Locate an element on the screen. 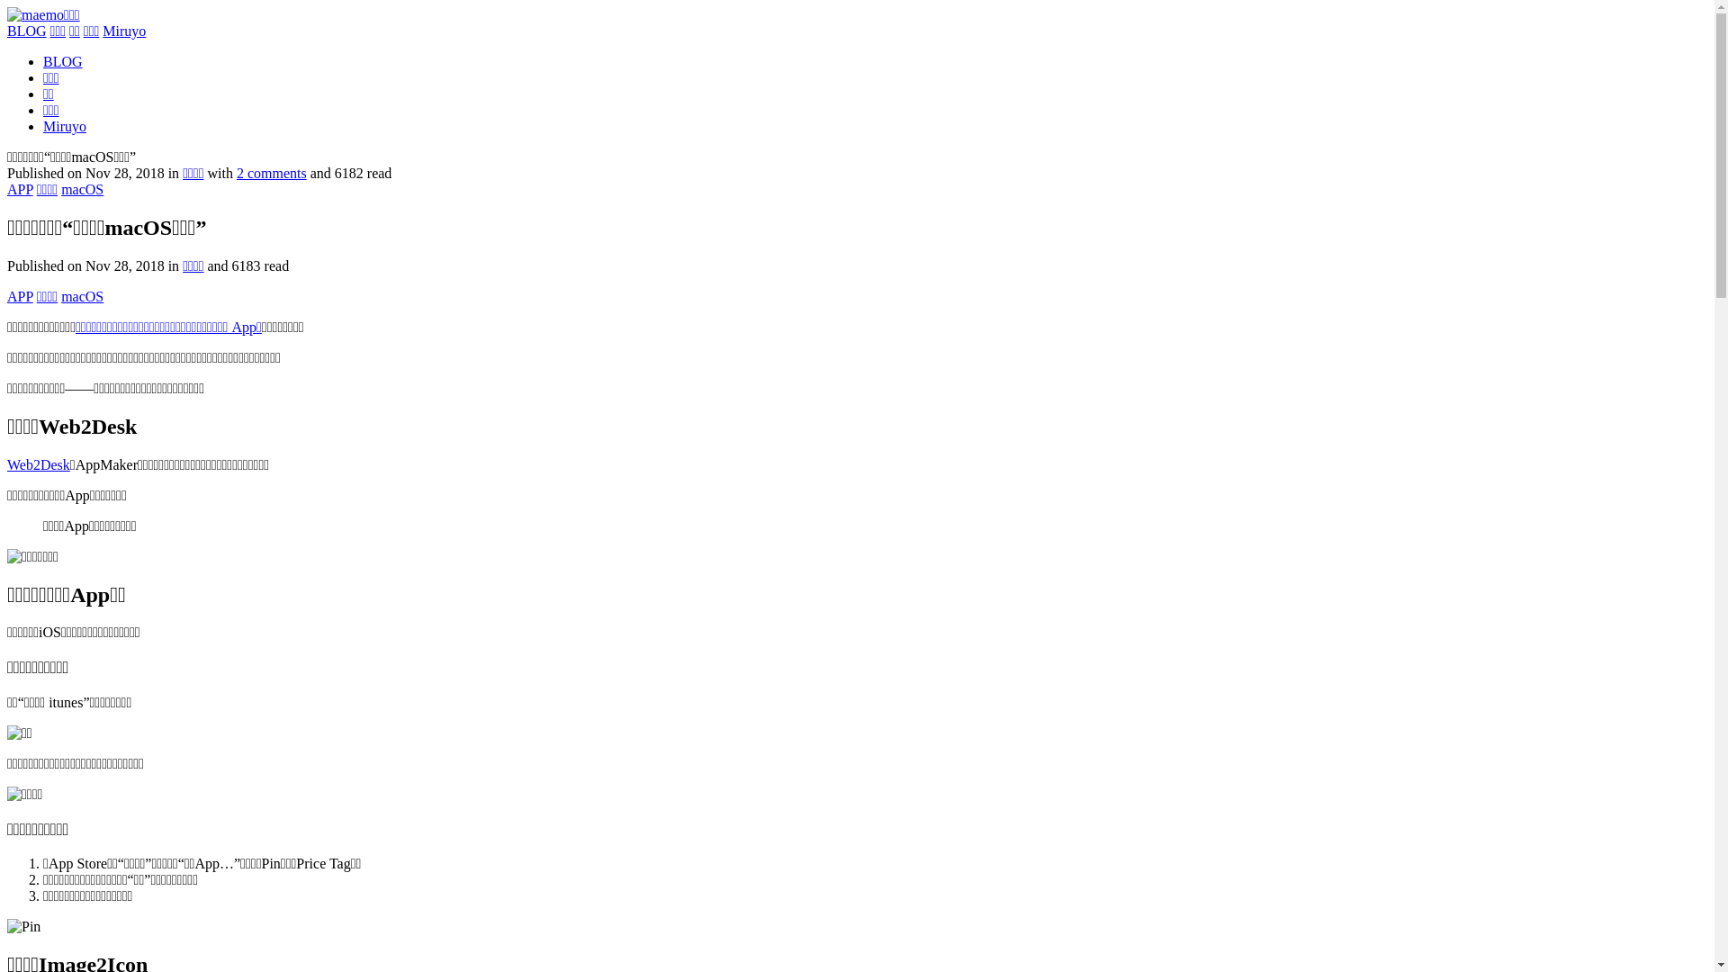 The image size is (1728, 972). 'Miruyo' is located at coordinates (123, 31).